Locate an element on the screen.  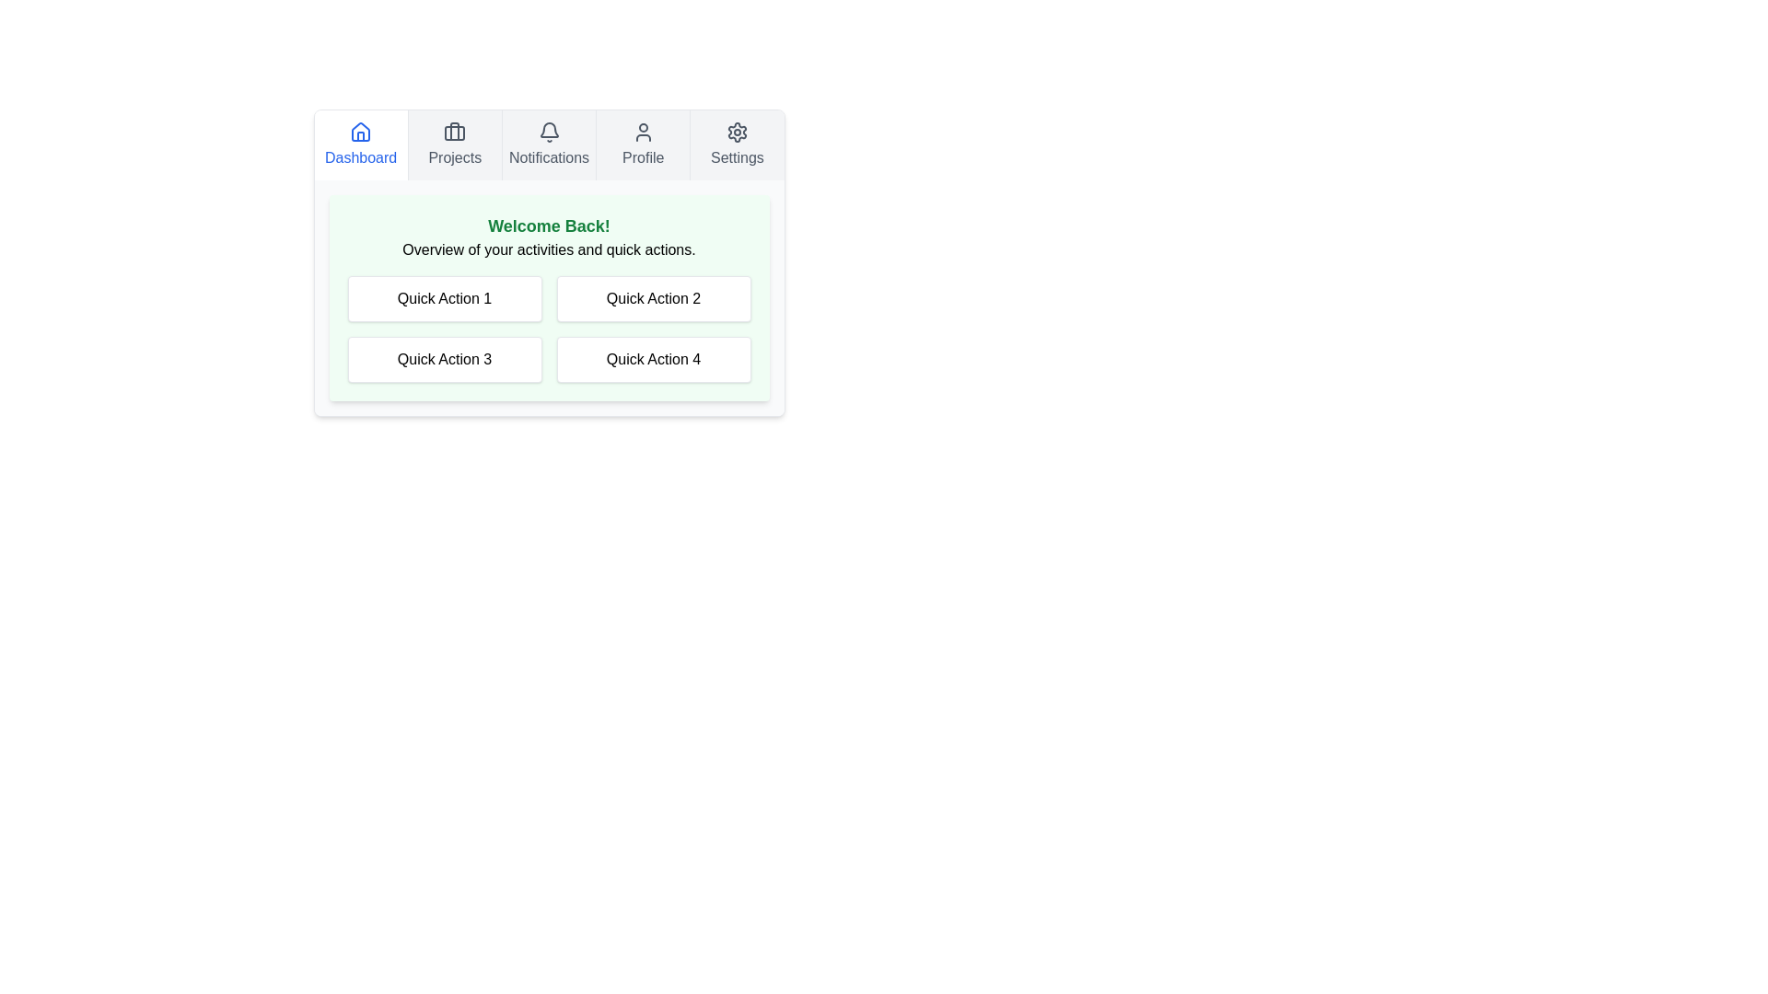
the Navigation item labeled 'Dashboard' with a house icon, which is located is located at coordinates (361, 144).